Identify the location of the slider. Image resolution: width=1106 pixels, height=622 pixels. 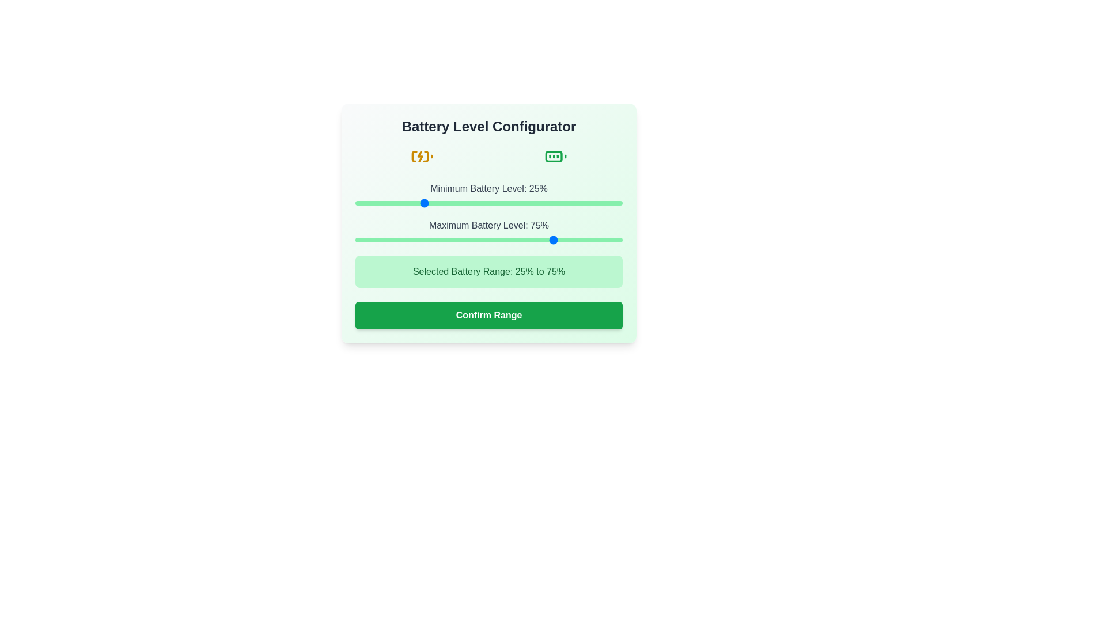
(522, 239).